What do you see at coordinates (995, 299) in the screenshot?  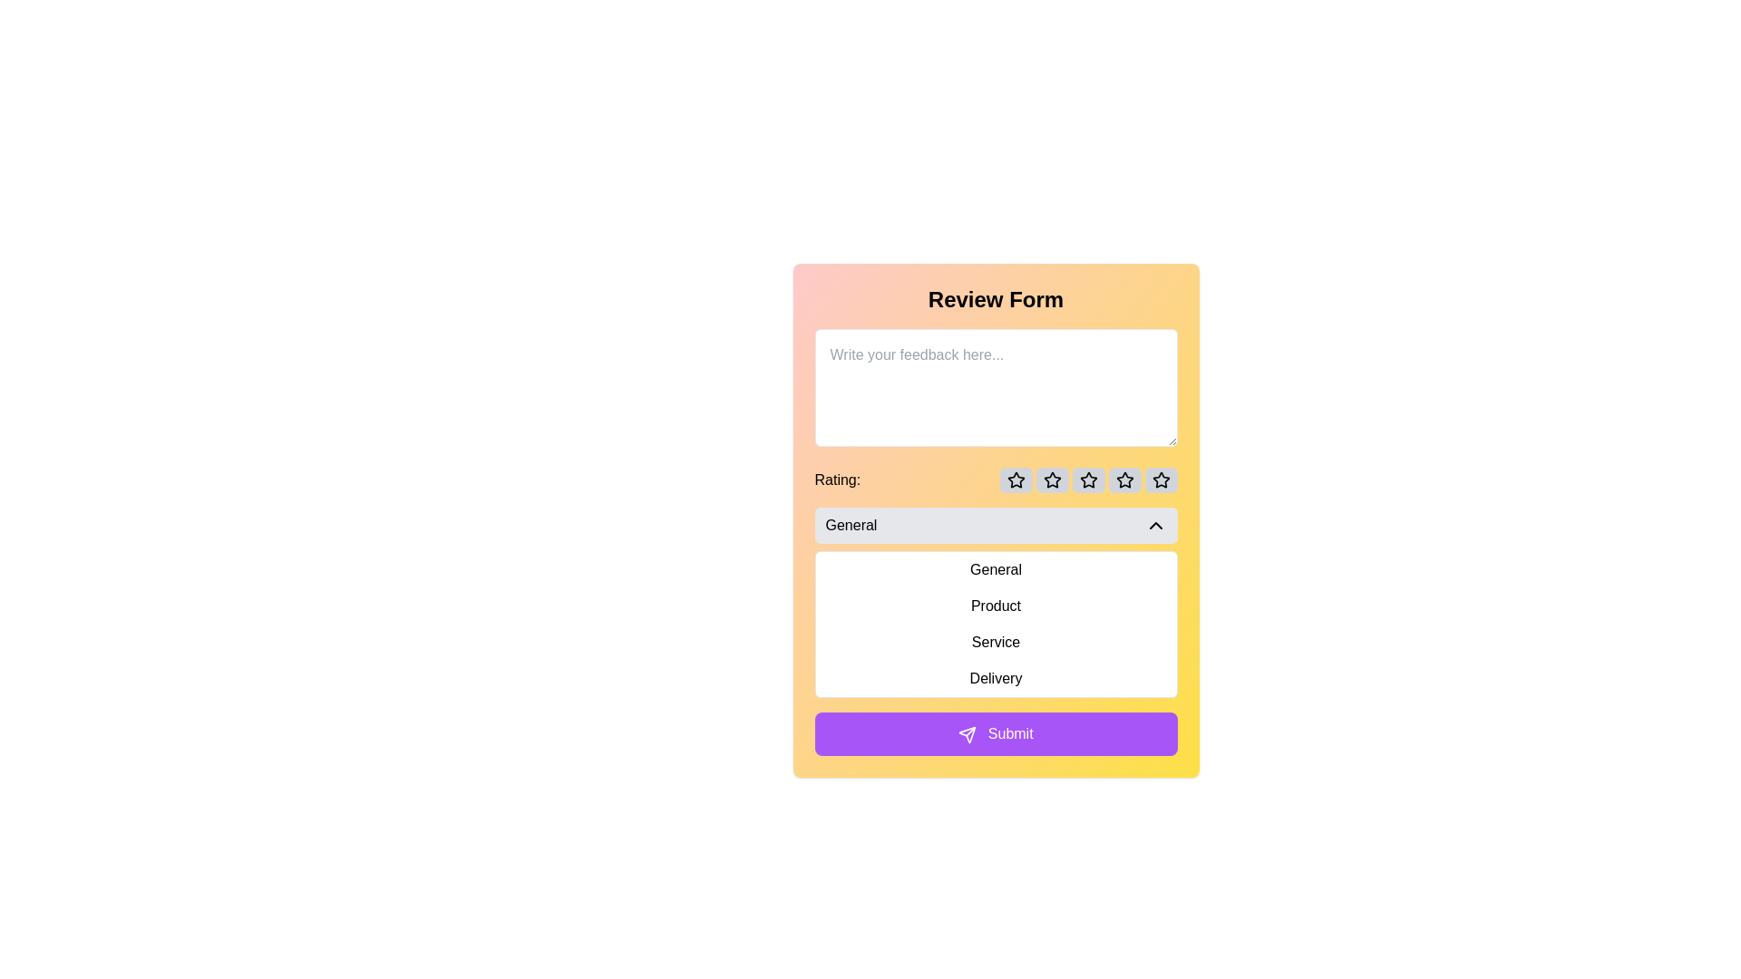 I see `the Text display element at the top of the form, which serves as the header indicating the purpose of the form` at bounding box center [995, 299].